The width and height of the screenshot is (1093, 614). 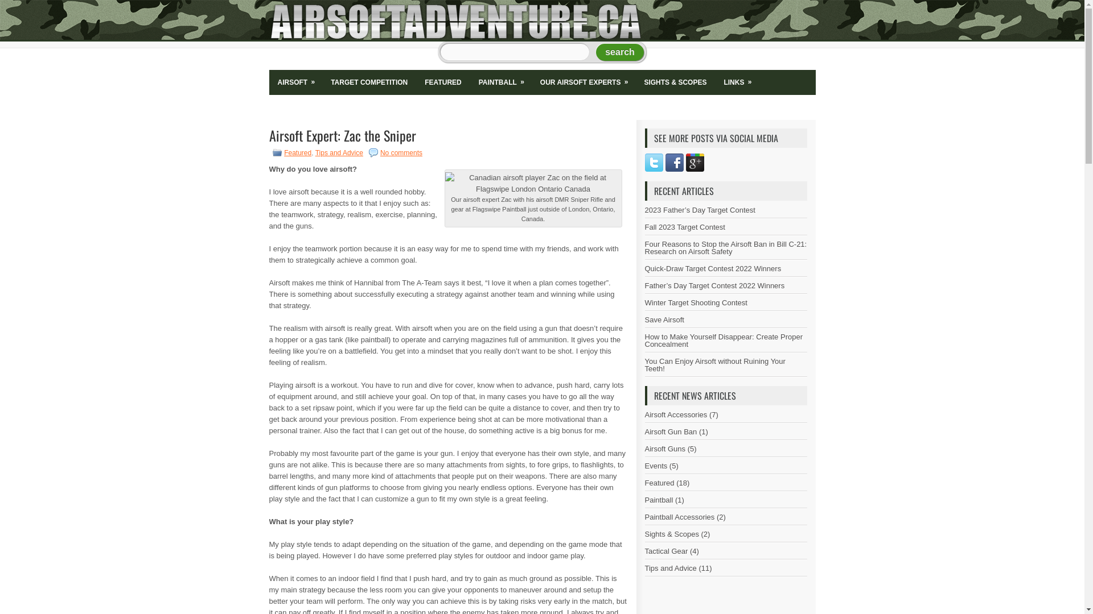 I want to click on 'Tactical Gear', so click(x=666, y=550).